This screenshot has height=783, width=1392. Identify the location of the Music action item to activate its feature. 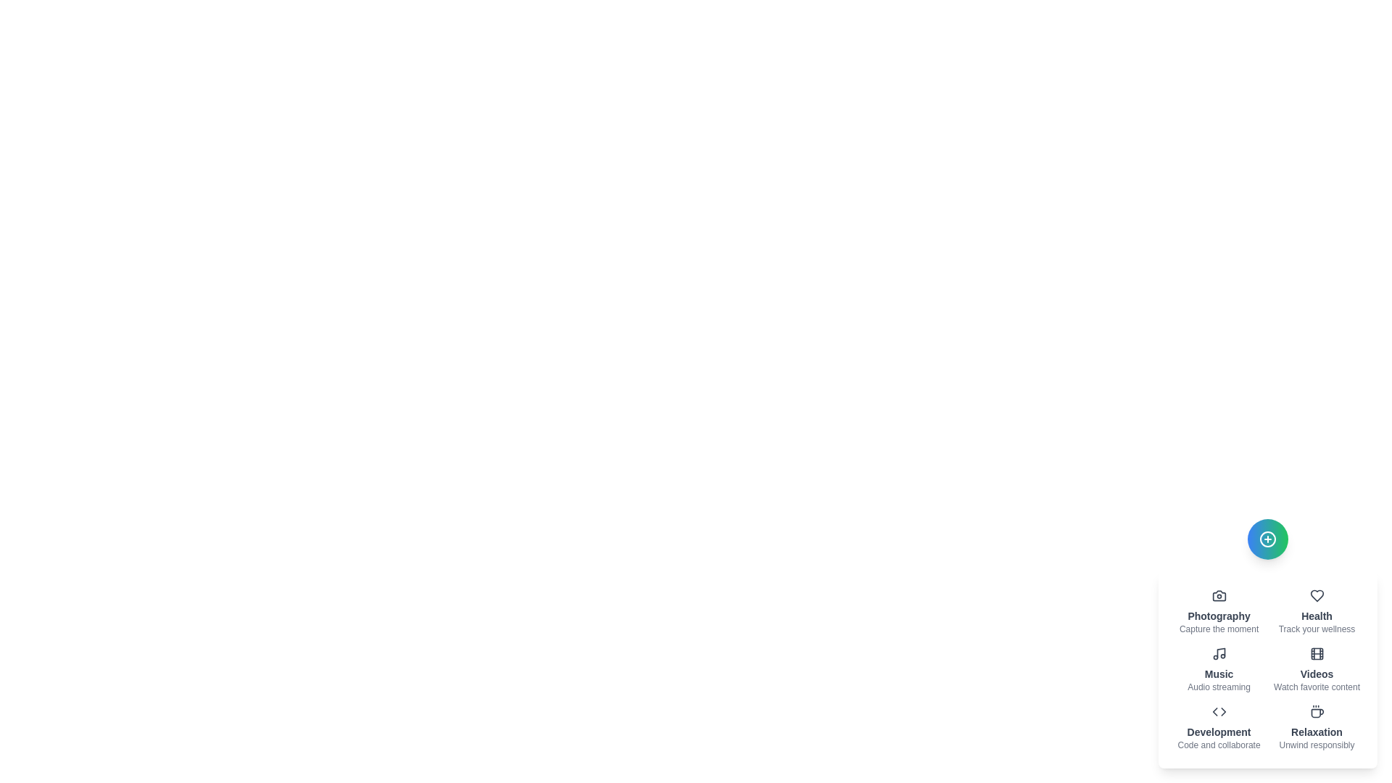
(1218, 670).